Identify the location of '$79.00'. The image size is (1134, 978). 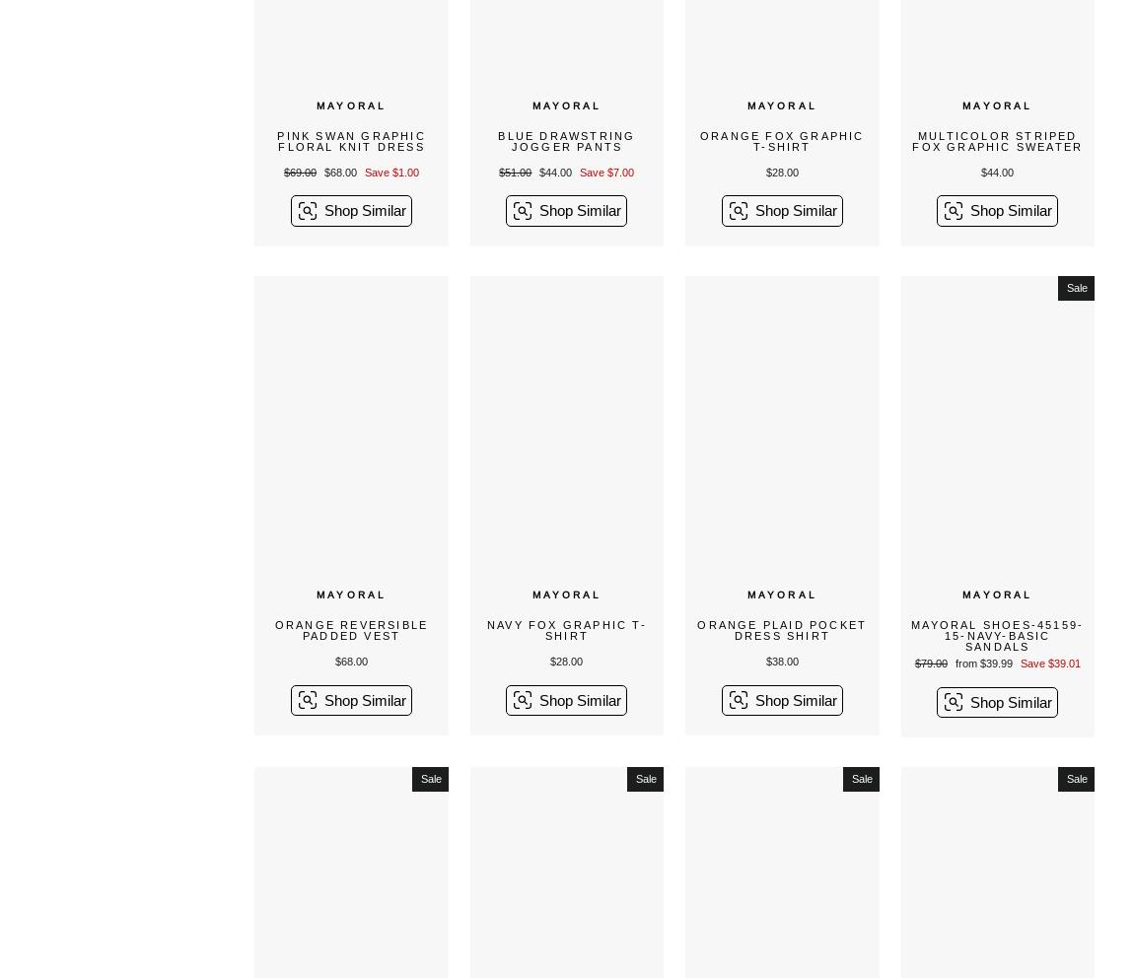
(930, 662).